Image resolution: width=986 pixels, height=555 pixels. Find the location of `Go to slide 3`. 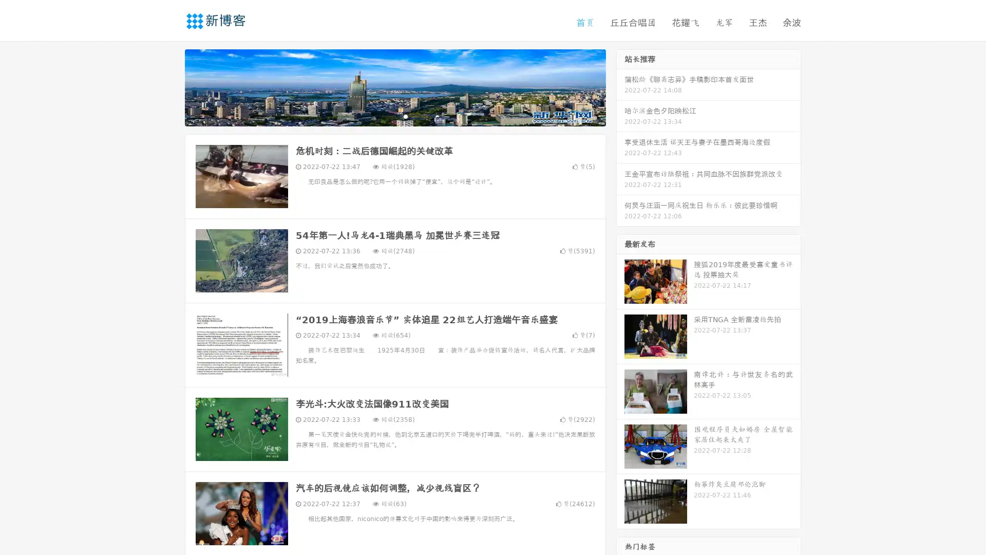

Go to slide 3 is located at coordinates (405, 116).